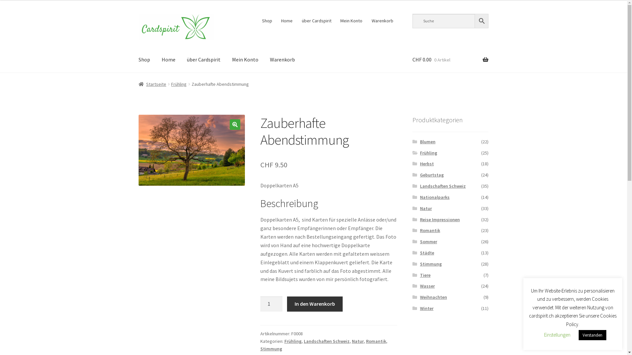  What do you see at coordinates (420, 197) in the screenshot?
I see `'Nationalparks'` at bounding box center [420, 197].